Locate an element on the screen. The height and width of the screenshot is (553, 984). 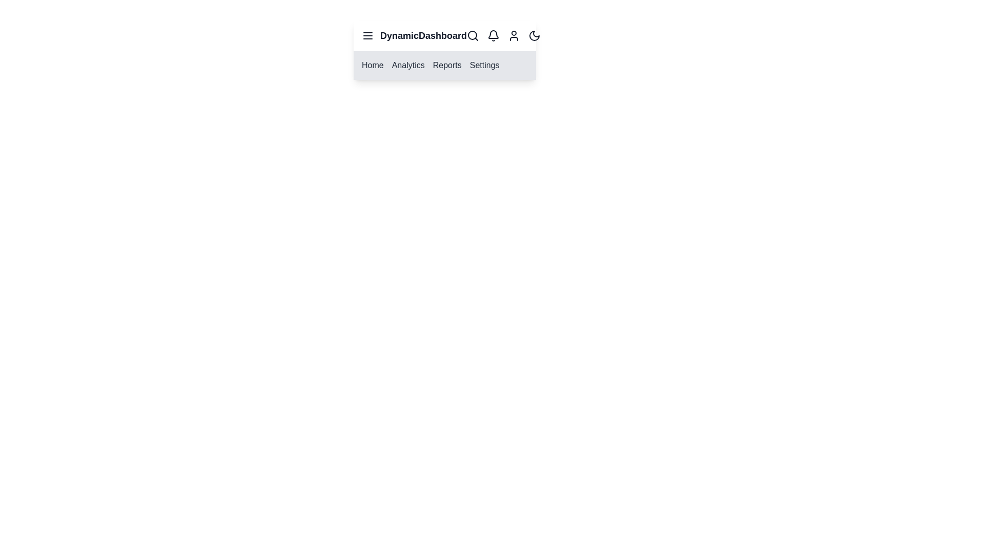
the theme toggle button to switch between light and dark modes is located at coordinates (534, 35).